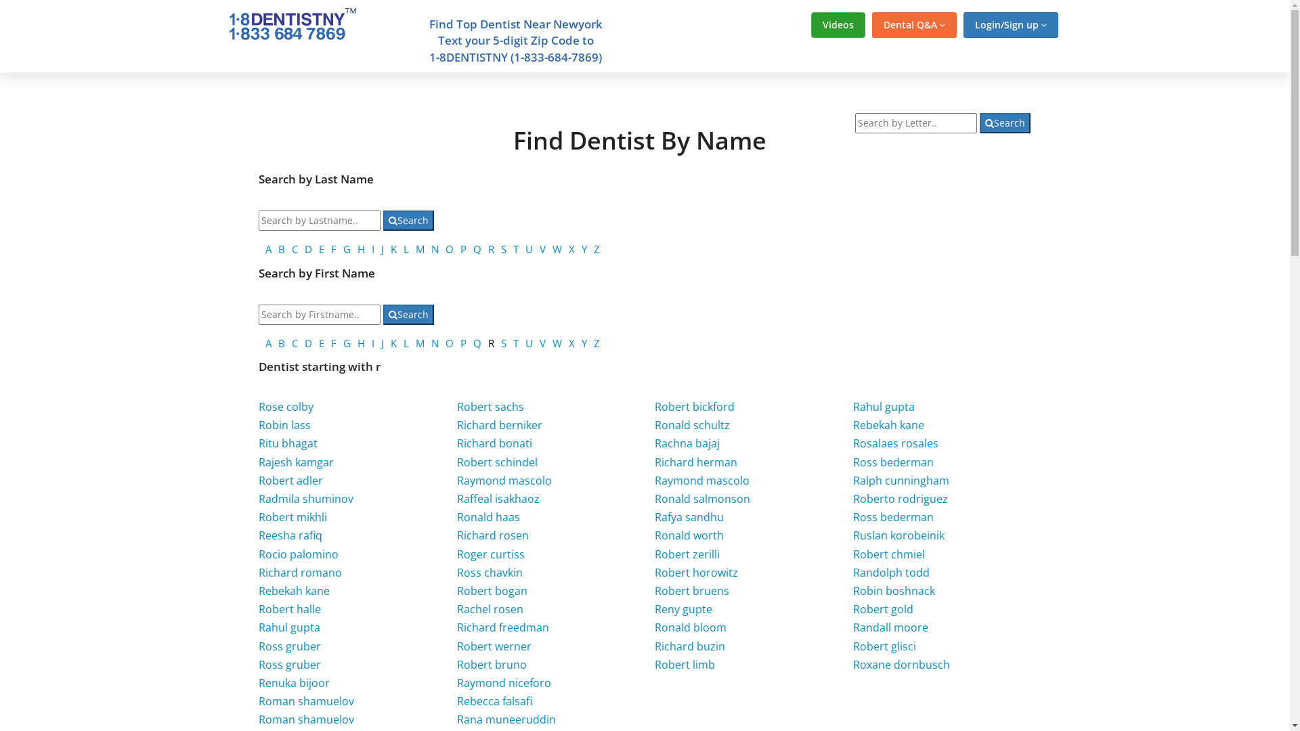 The height and width of the screenshot is (731, 1300). Describe the element at coordinates (891, 572) in the screenshot. I see `'Randolph todd'` at that location.